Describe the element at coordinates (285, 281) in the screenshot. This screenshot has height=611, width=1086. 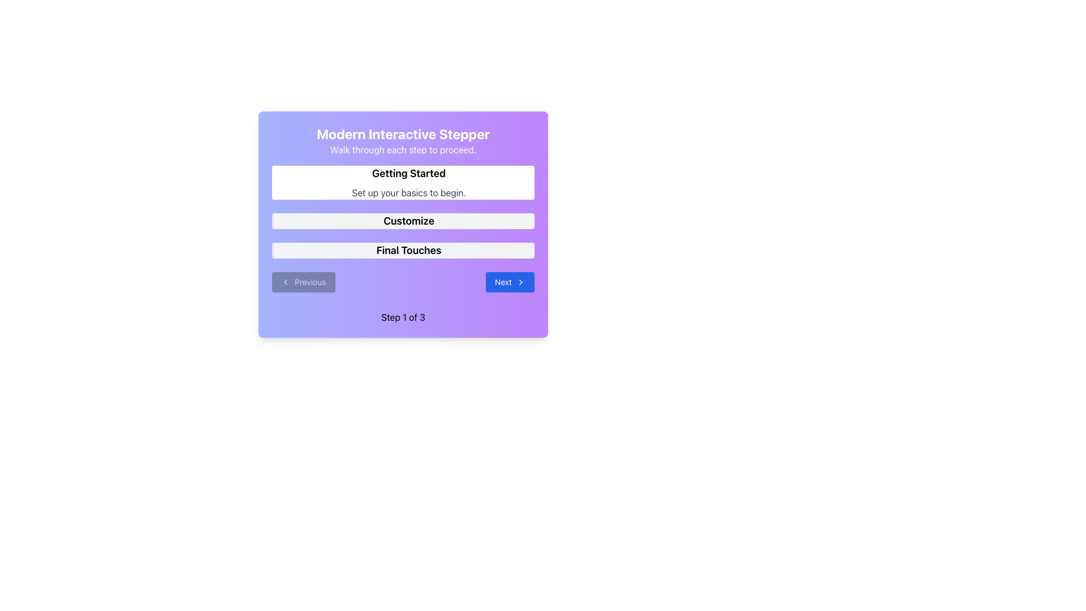
I see `the left-pointing chevron icon located to the left of the 'Previous' button in the bottom-left corner of the interactive stepper interface` at that location.